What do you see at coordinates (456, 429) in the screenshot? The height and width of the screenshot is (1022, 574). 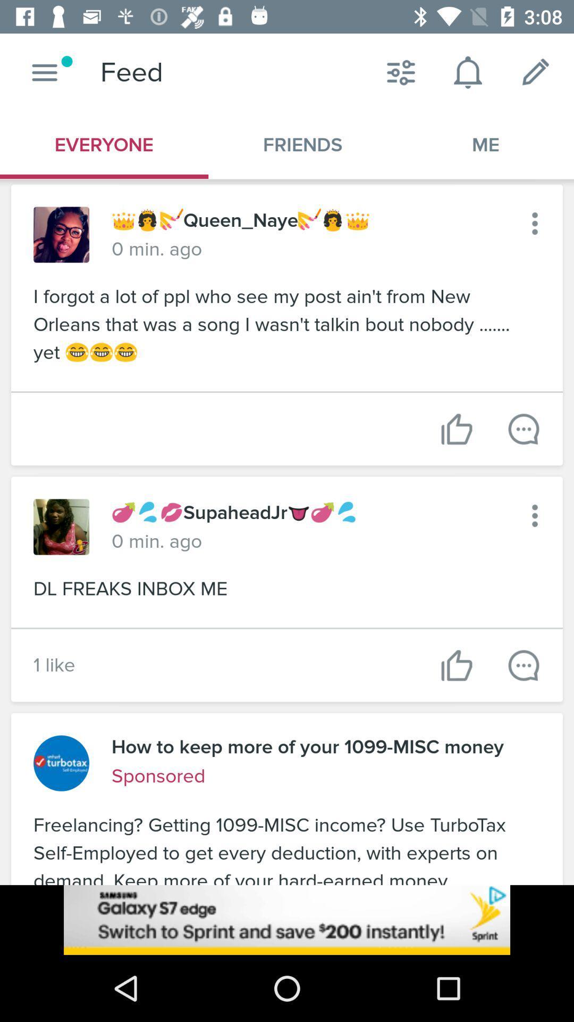 I see `like the commend` at bounding box center [456, 429].